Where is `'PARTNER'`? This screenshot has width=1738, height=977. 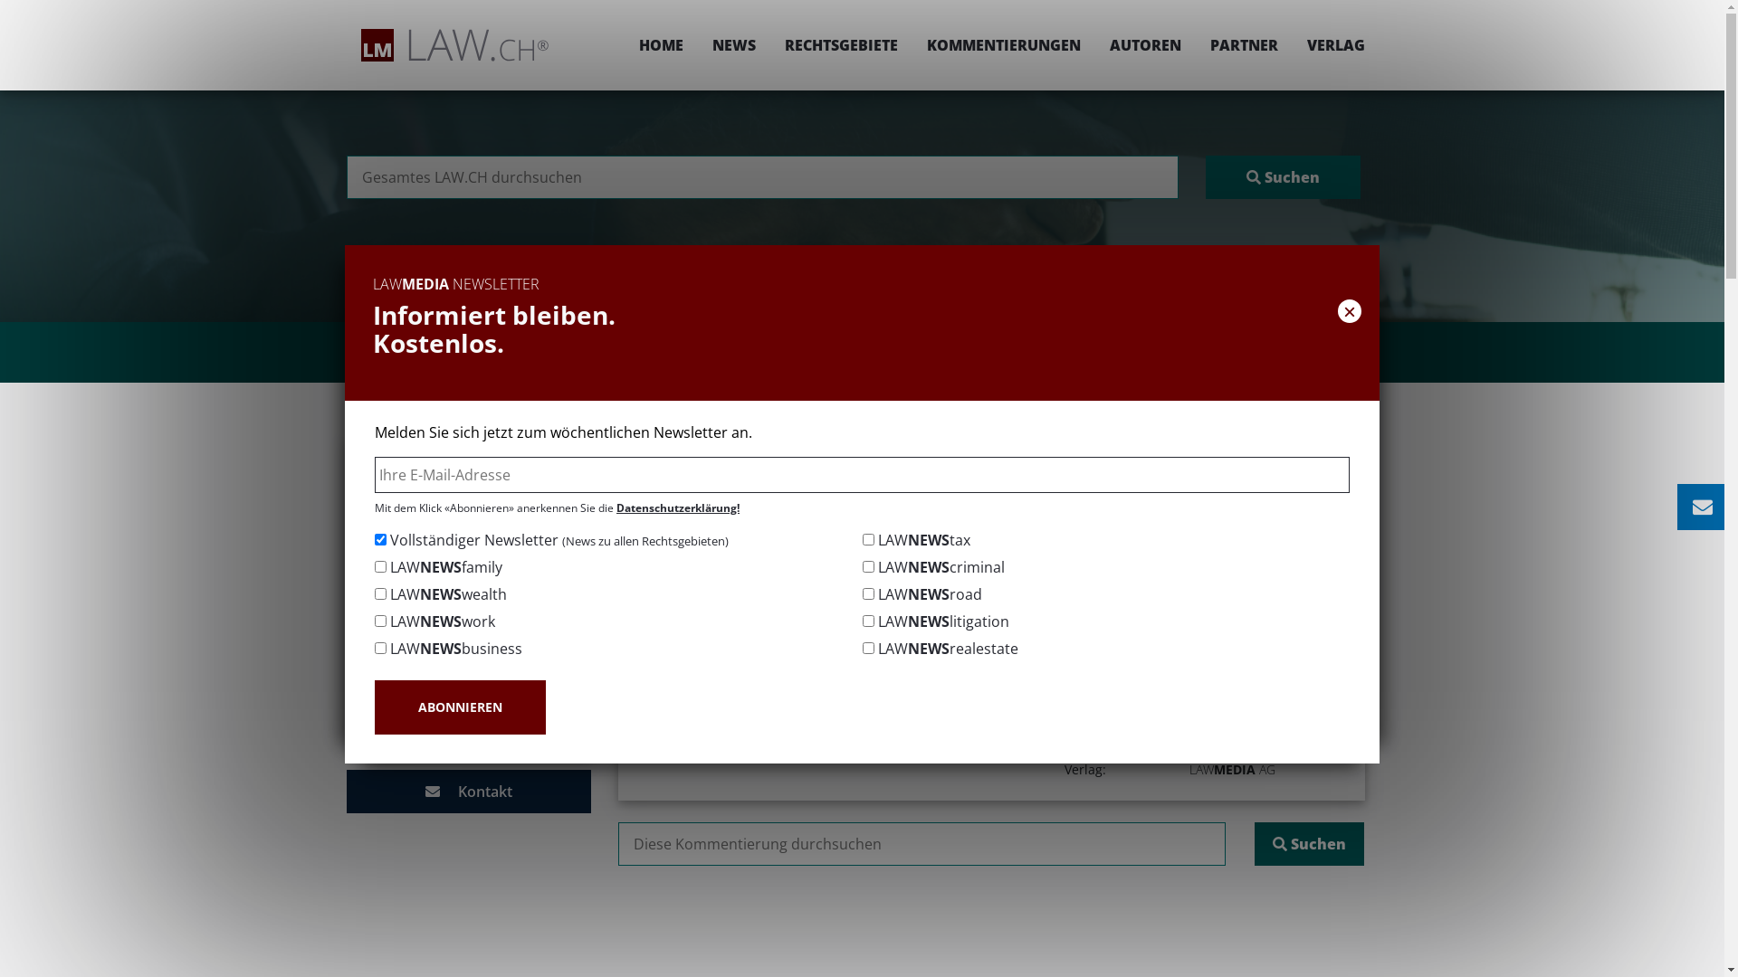
'PARTNER' is located at coordinates (1242, 44).